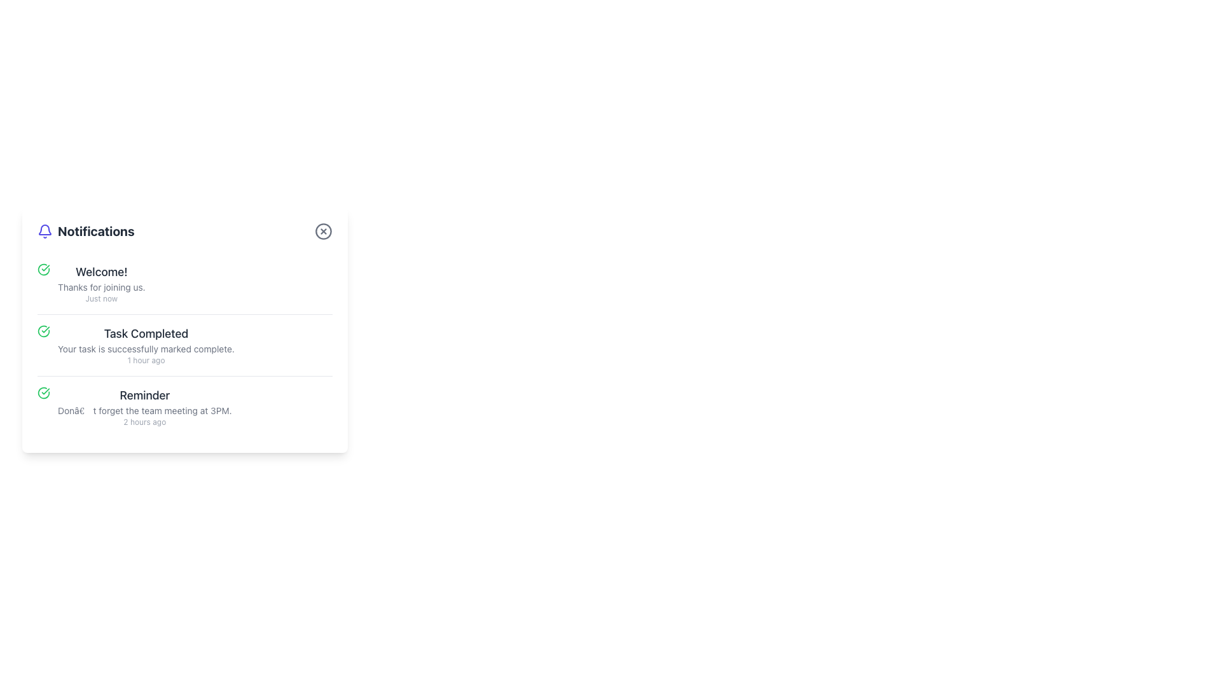  What do you see at coordinates (144, 407) in the screenshot?
I see `the third notification` at bounding box center [144, 407].